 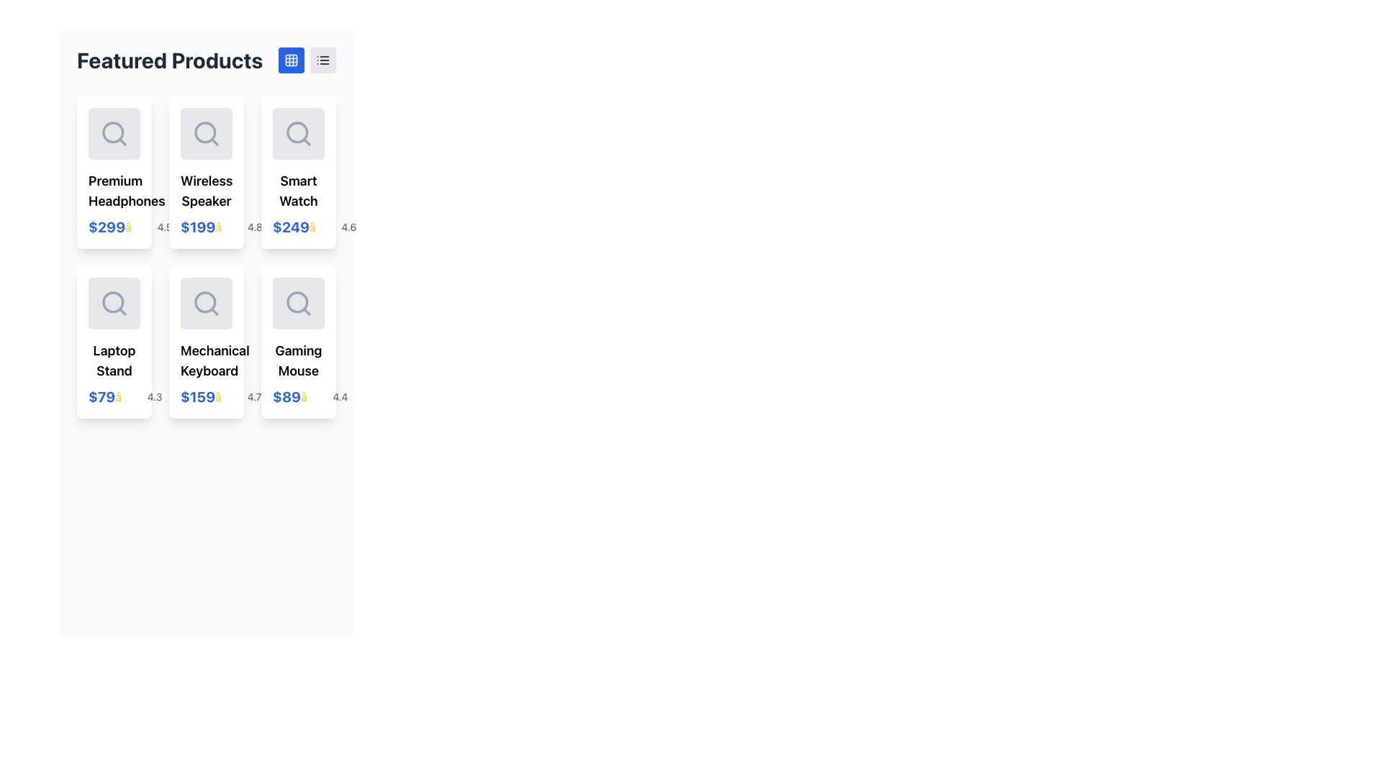 I want to click on displayed price text of the 'Mechanical Keyboard' product located in the second row, second column of the product grid, above the rating information, so click(x=197, y=396).